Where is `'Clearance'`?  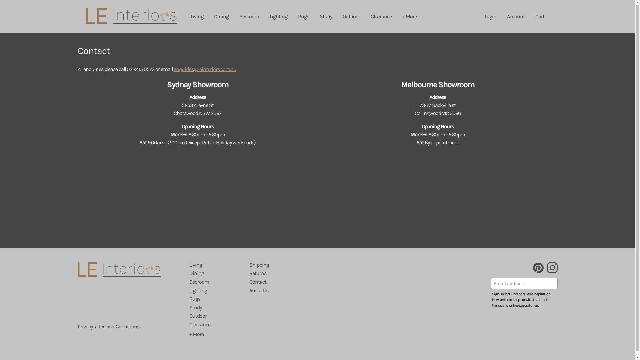 'Clearance' is located at coordinates (381, 16).